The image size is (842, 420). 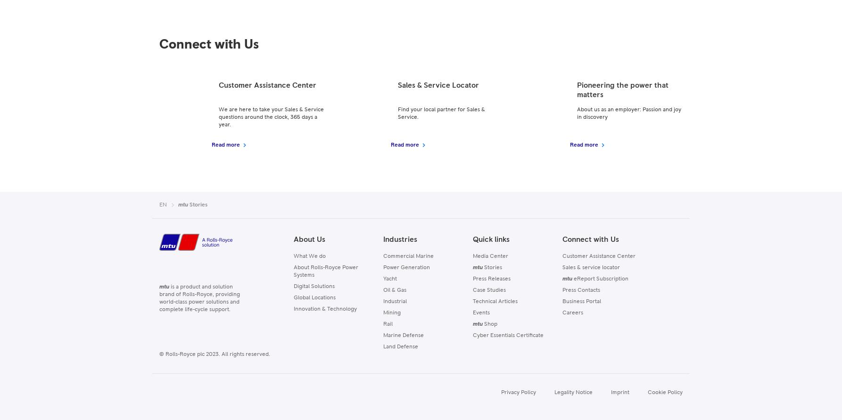 What do you see at coordinates (402, 335) in the screenshot?
I see `'Marine Defense'` at bounding box center [402, 335].